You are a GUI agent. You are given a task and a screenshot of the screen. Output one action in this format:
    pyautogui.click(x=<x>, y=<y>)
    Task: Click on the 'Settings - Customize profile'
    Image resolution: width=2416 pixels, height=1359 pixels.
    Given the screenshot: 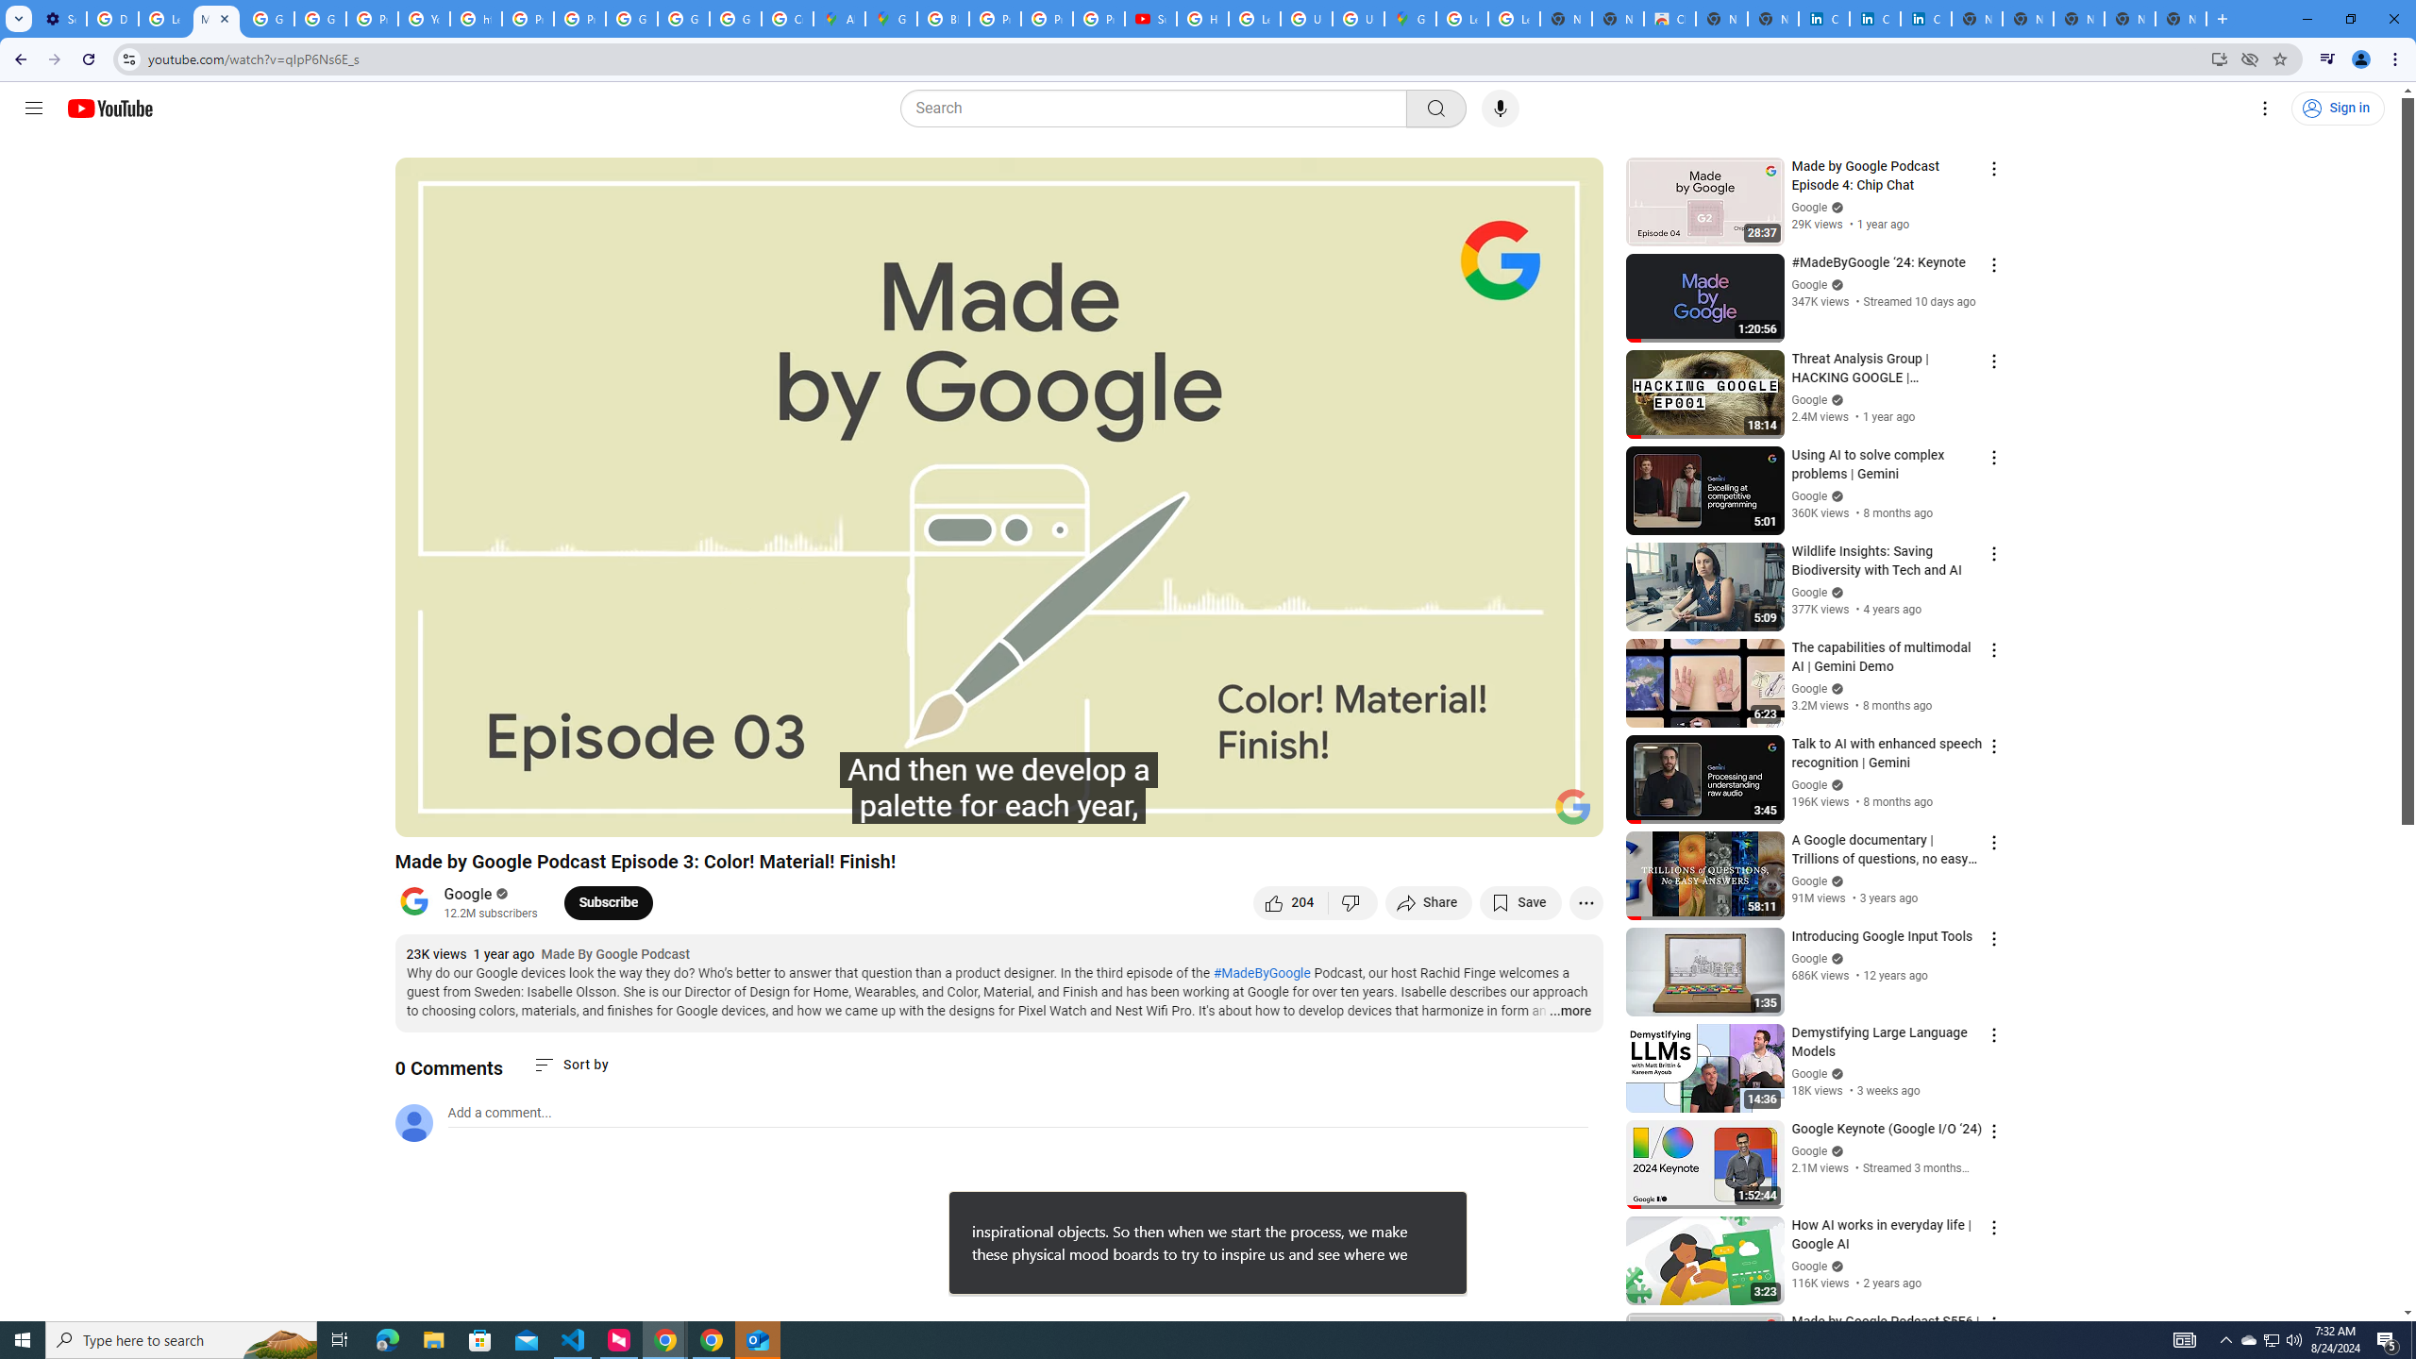 What is the action you would take?
    pyautogui.click(x=60, y=18)
    